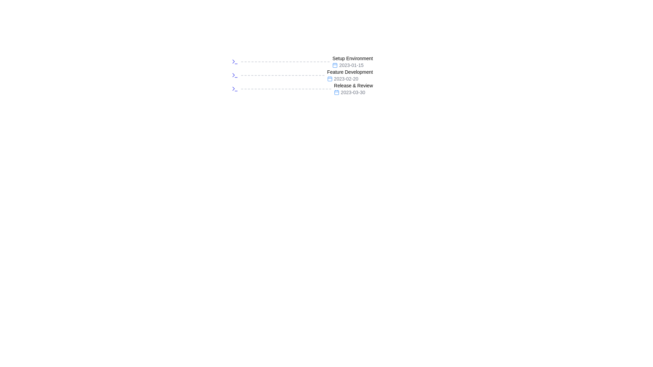 The width and height of the screenshot is (653, 367). Describe the element at coordinates (335, 65) in the screenshot. I see `the filled box inside the calendar icon, which represents a date, located to the right of a task label` at that location.